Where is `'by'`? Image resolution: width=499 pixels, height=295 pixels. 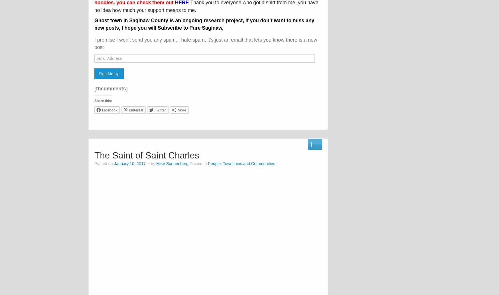
'by' is located at coordinates (153, 163).